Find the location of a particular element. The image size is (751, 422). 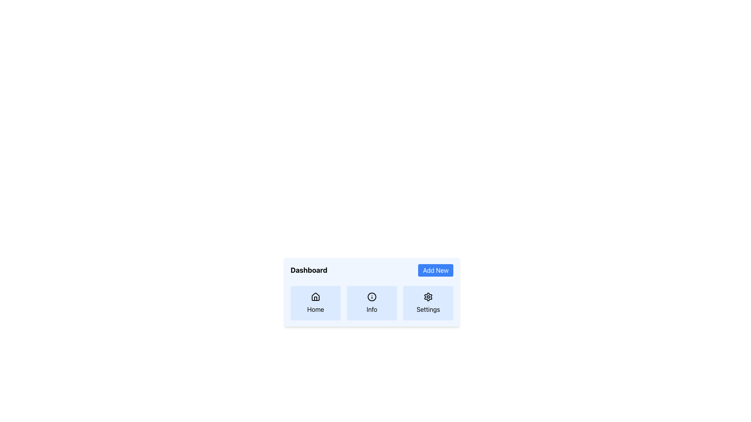

the blue 'Add New' button with rounded corners located at the top-right corner of the application interface is located at coordinates (435, 270).